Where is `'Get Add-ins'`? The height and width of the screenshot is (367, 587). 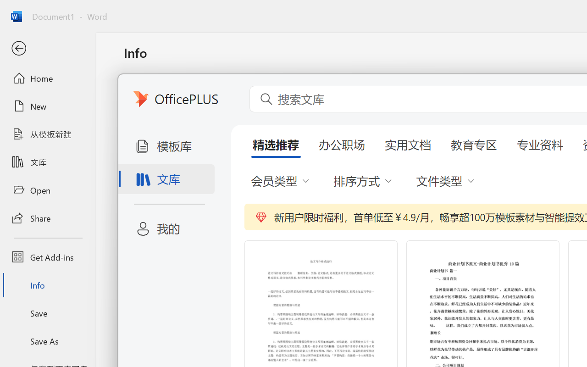
'Get Add-ins' is located at coordinates (47, 257).